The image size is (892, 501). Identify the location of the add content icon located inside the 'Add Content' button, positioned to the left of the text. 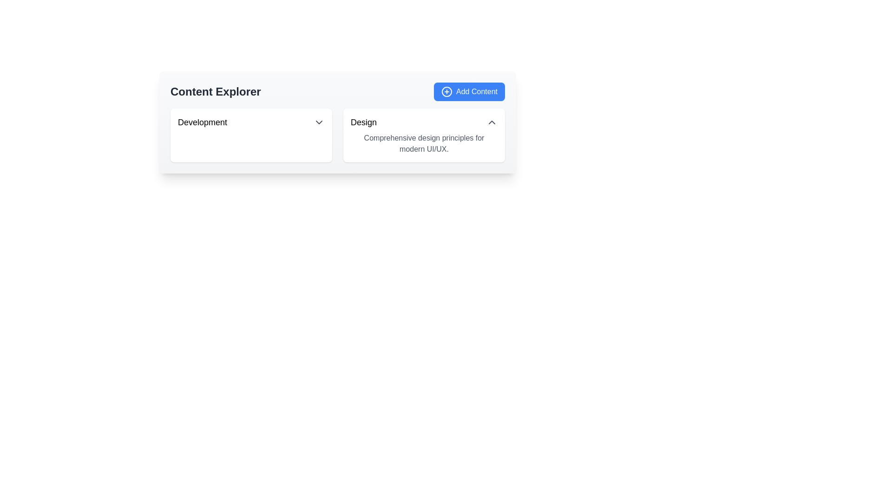
(446, 91).